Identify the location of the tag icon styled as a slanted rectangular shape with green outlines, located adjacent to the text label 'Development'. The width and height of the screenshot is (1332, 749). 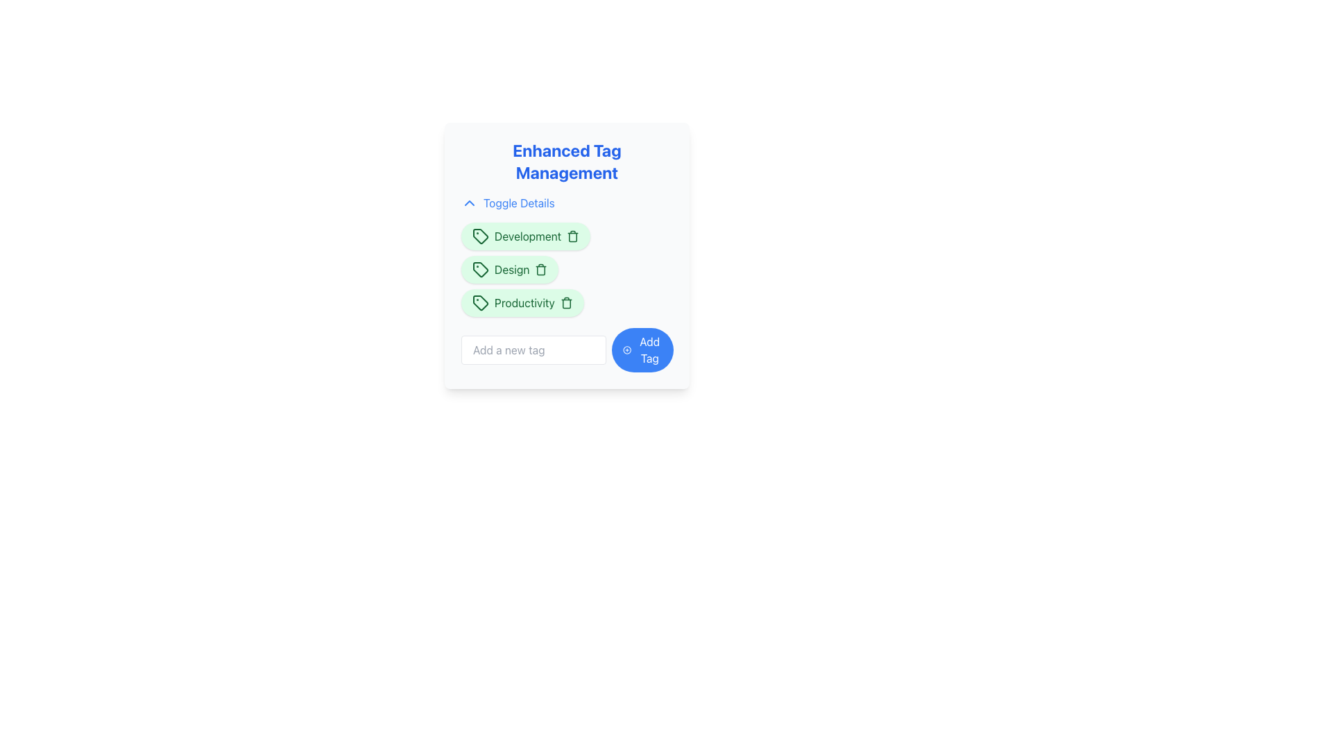
(480, 235).